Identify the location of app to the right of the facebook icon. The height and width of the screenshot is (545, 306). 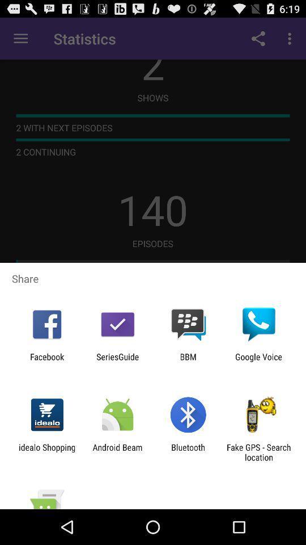
(117, 361).